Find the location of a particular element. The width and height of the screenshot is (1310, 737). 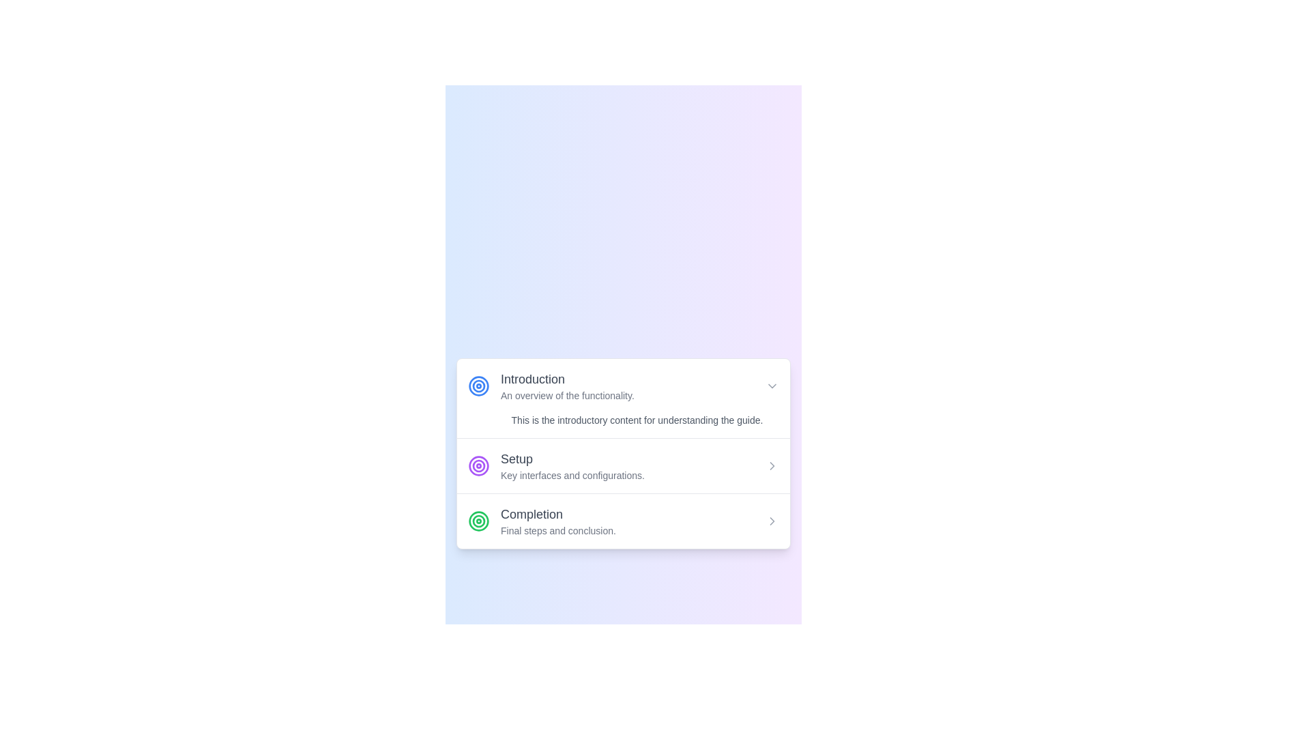

the circular purple target icon located to the left of the text 'Setup' in the second row of the Setup section list is located at coordinates (478, 465).